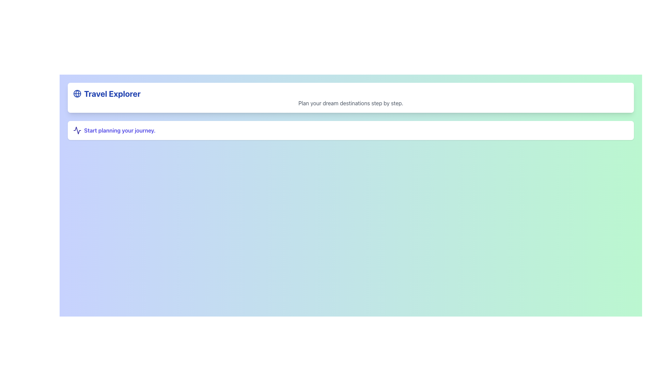 The image size is (654, 368). What do you see at coordinates (351, 103) in the screenshot?
I see `the text label displaying 'Plan your dream destinations step by step.' which is located below the 'Travel Explorer' title in a white box with rounded corners` at bounding box center [351, 103].